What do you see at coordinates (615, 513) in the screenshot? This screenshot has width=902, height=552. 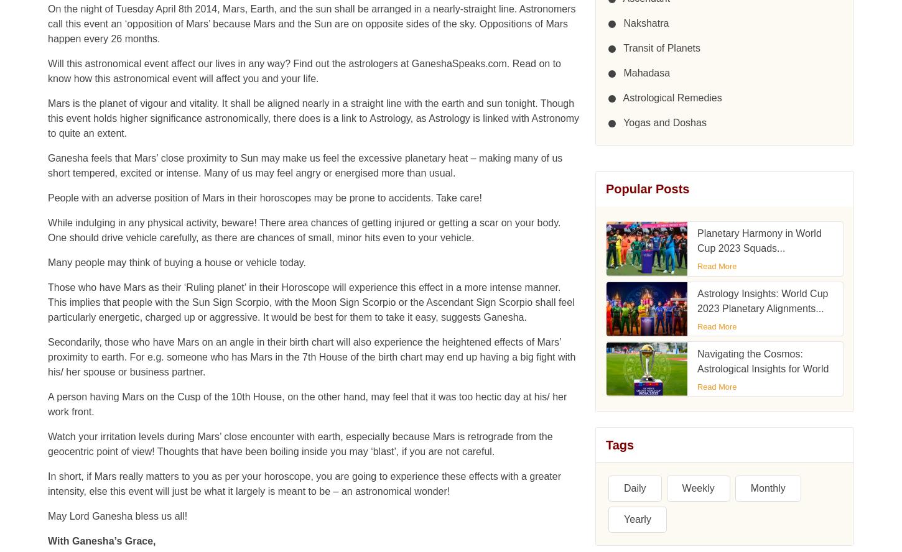 I see `'Indiatimes'` at bounding box center [615, 513].